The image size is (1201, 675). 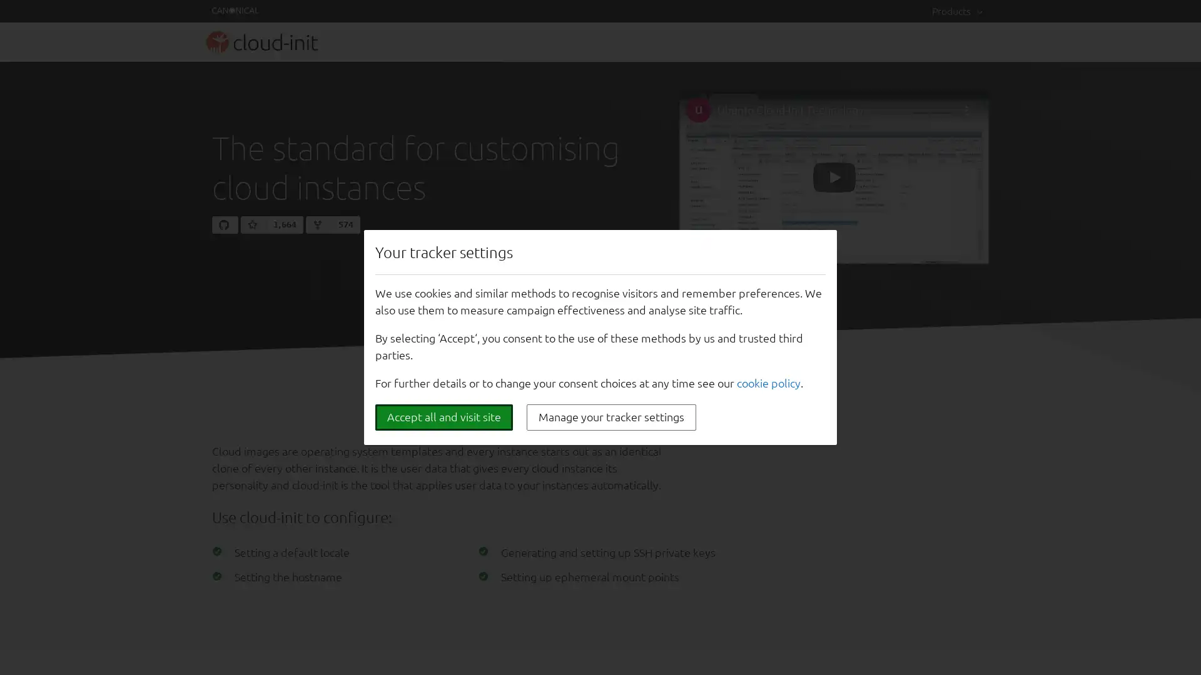 What do you see at coordinates (611, 417) in the screenshot?
I see `Manage your tracker settings` at bounding box center [611, 417].